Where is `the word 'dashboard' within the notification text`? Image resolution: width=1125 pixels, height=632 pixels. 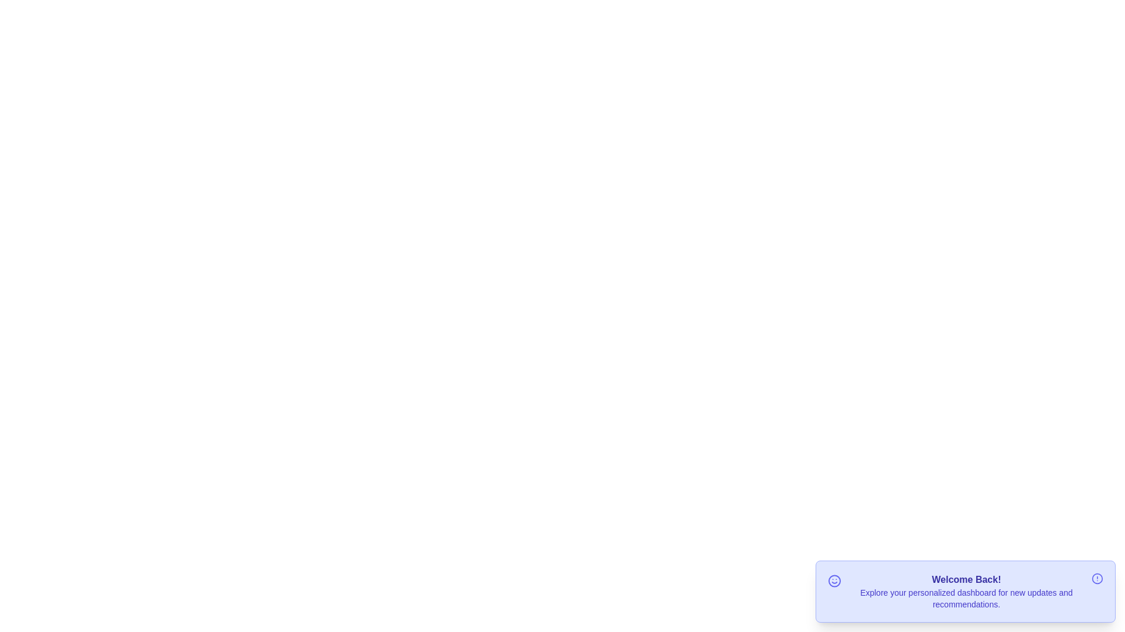 the word 'dashboard' within the notification text is located at coordinates (936, 586).